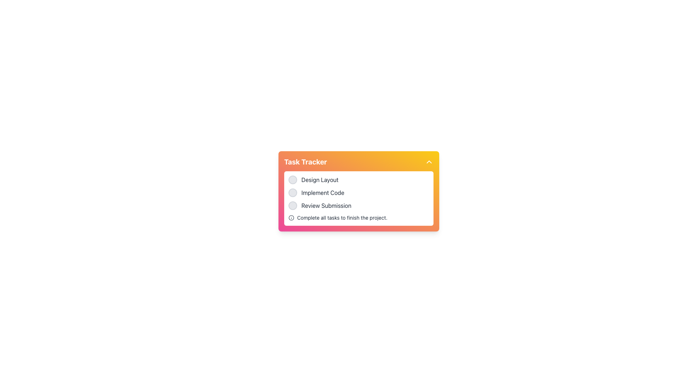 The width and height of the screenshot is (689, 387). I want to click on the second item in the task tracker list, which is 'Implement Code', for editing or viewing details, so click(358, 192).